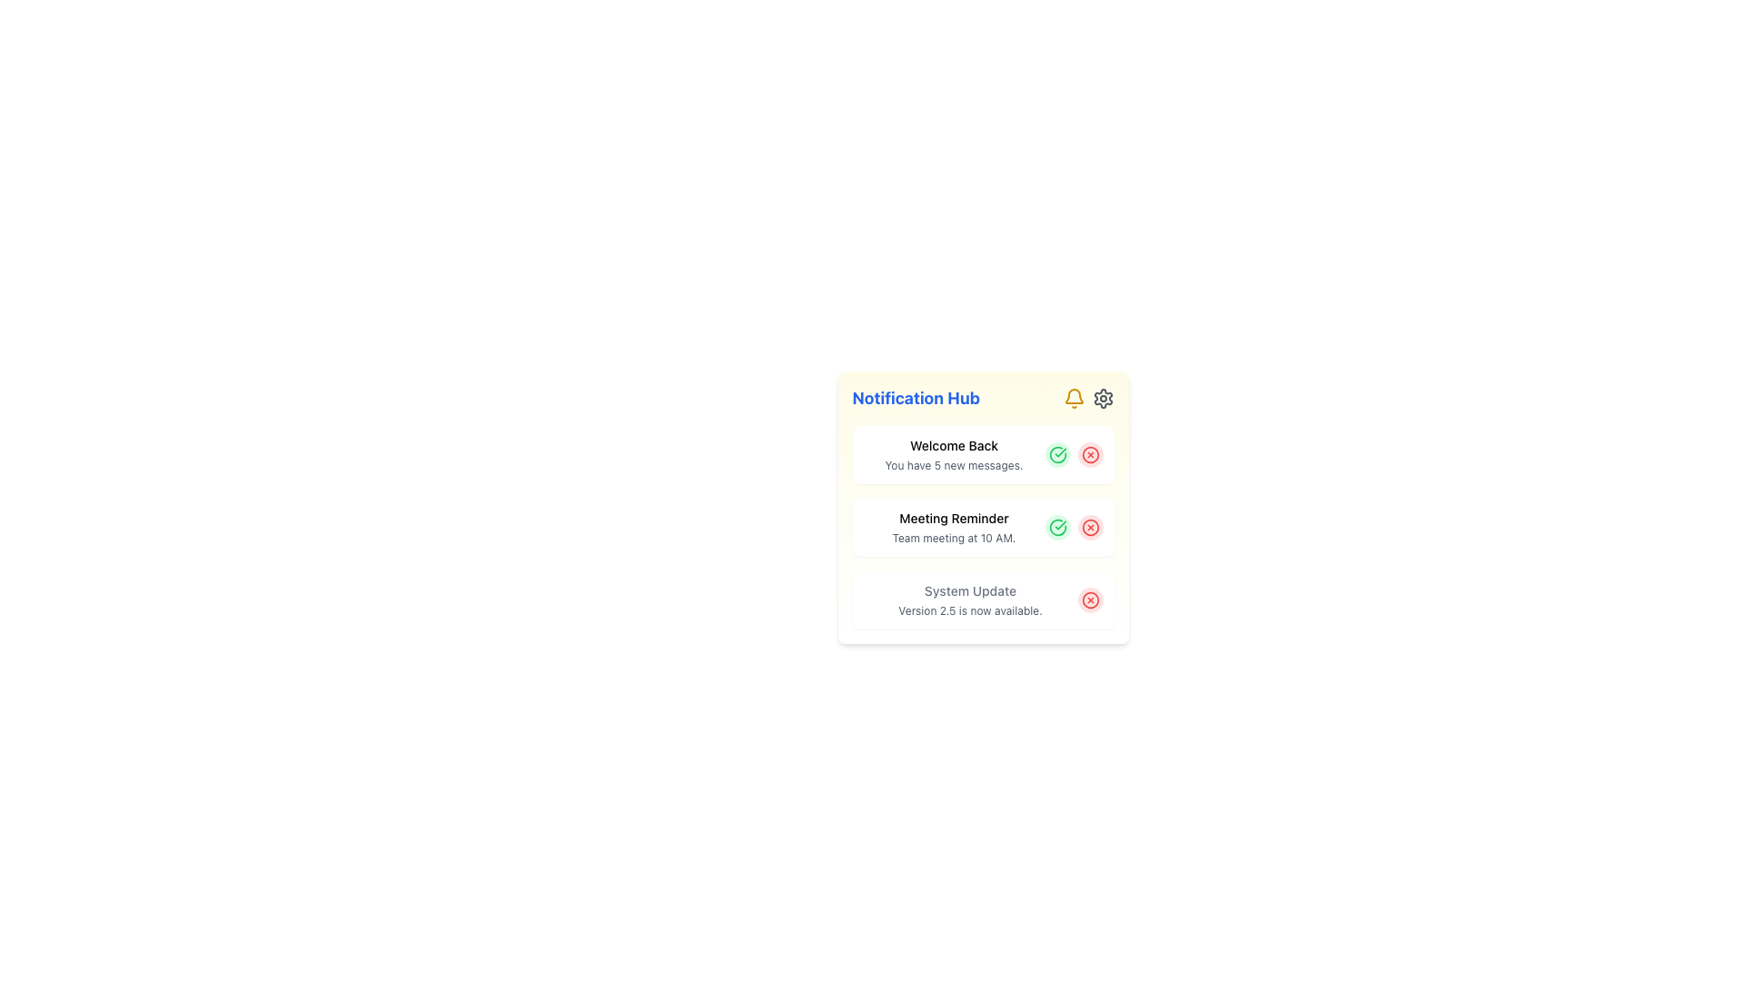  I want to click on the Text Label indicating unread or new messages, which is positioned below the 'Welcome Back' text in the notification card, so click(953, 465).